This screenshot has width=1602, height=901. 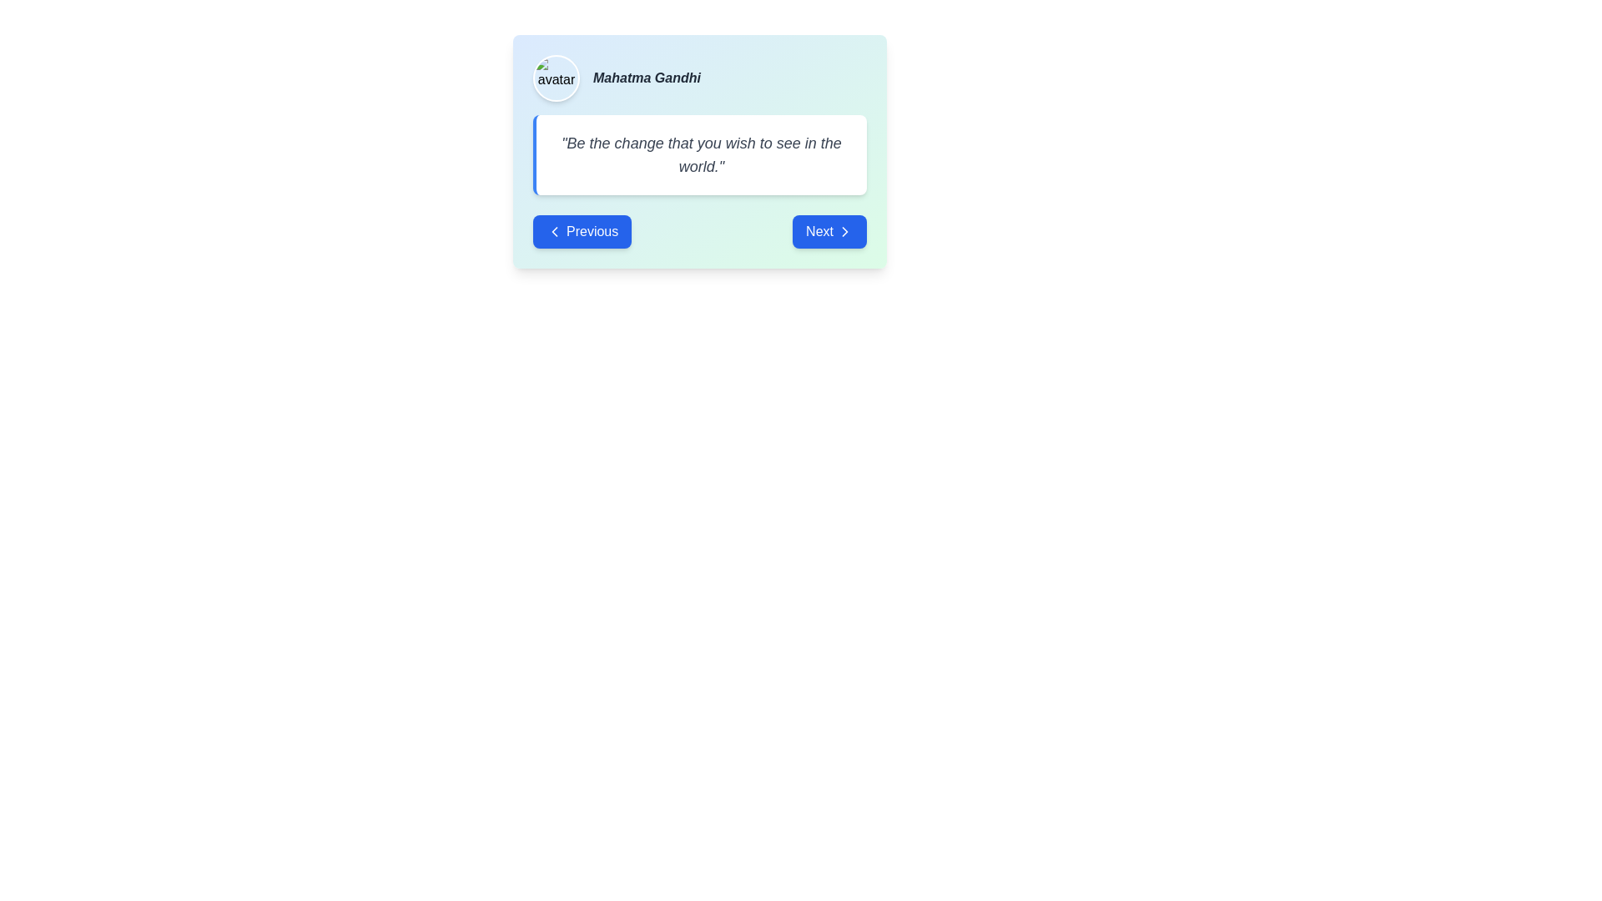 What do you see at coordinates (555, 231) in the screenshot?
I see `the previous icon located on the left side of the 'Previous' button` at bounding box center [555, 231].